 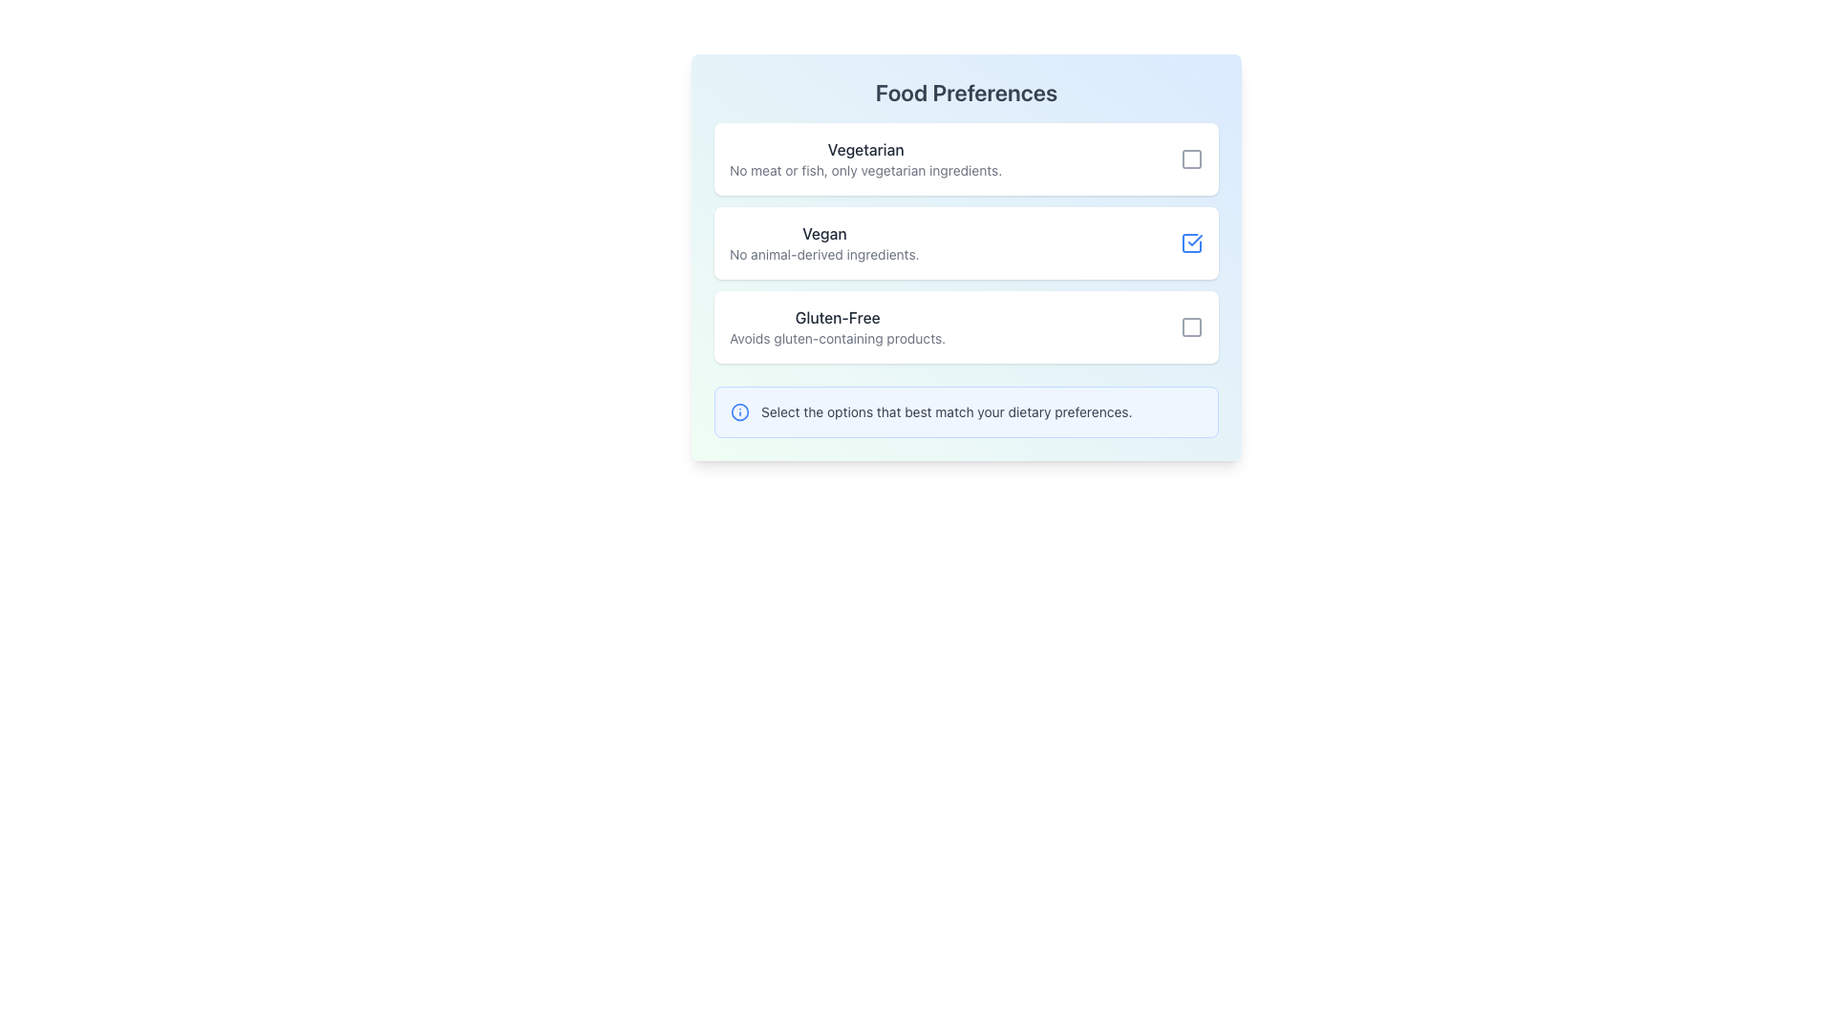 What do you see at coordinates (838, 337) in the screenshot?
I see `text label that states 'Avoids gluten-containing products.' located below the 'Gluten-Free' heading in the 'Food Preferences' section` at bounding box center [838, 337].